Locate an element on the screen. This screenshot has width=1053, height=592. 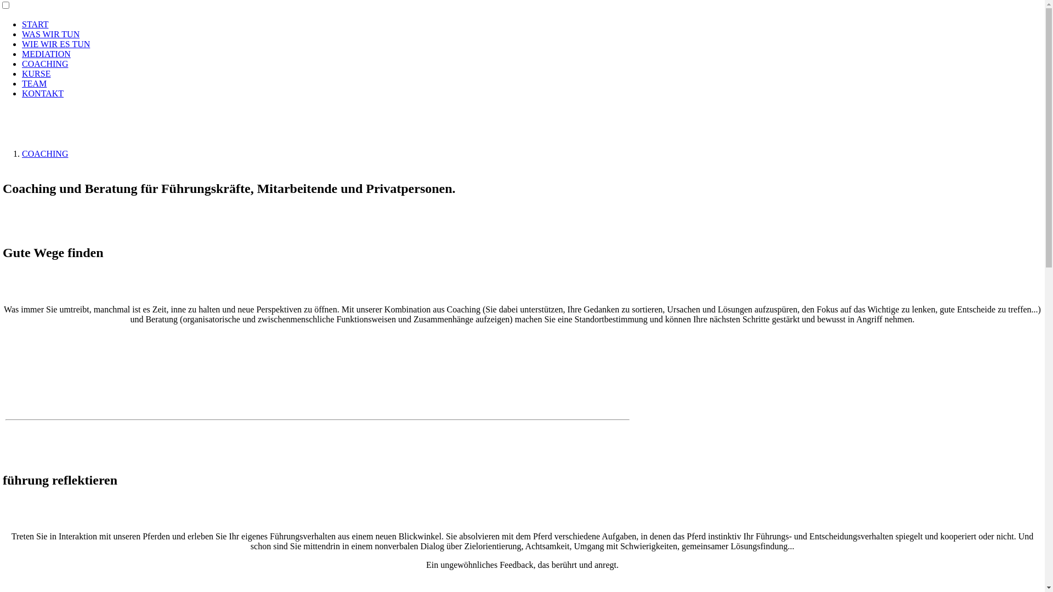
'MEDIATION' is located at coordinates (46, 54).